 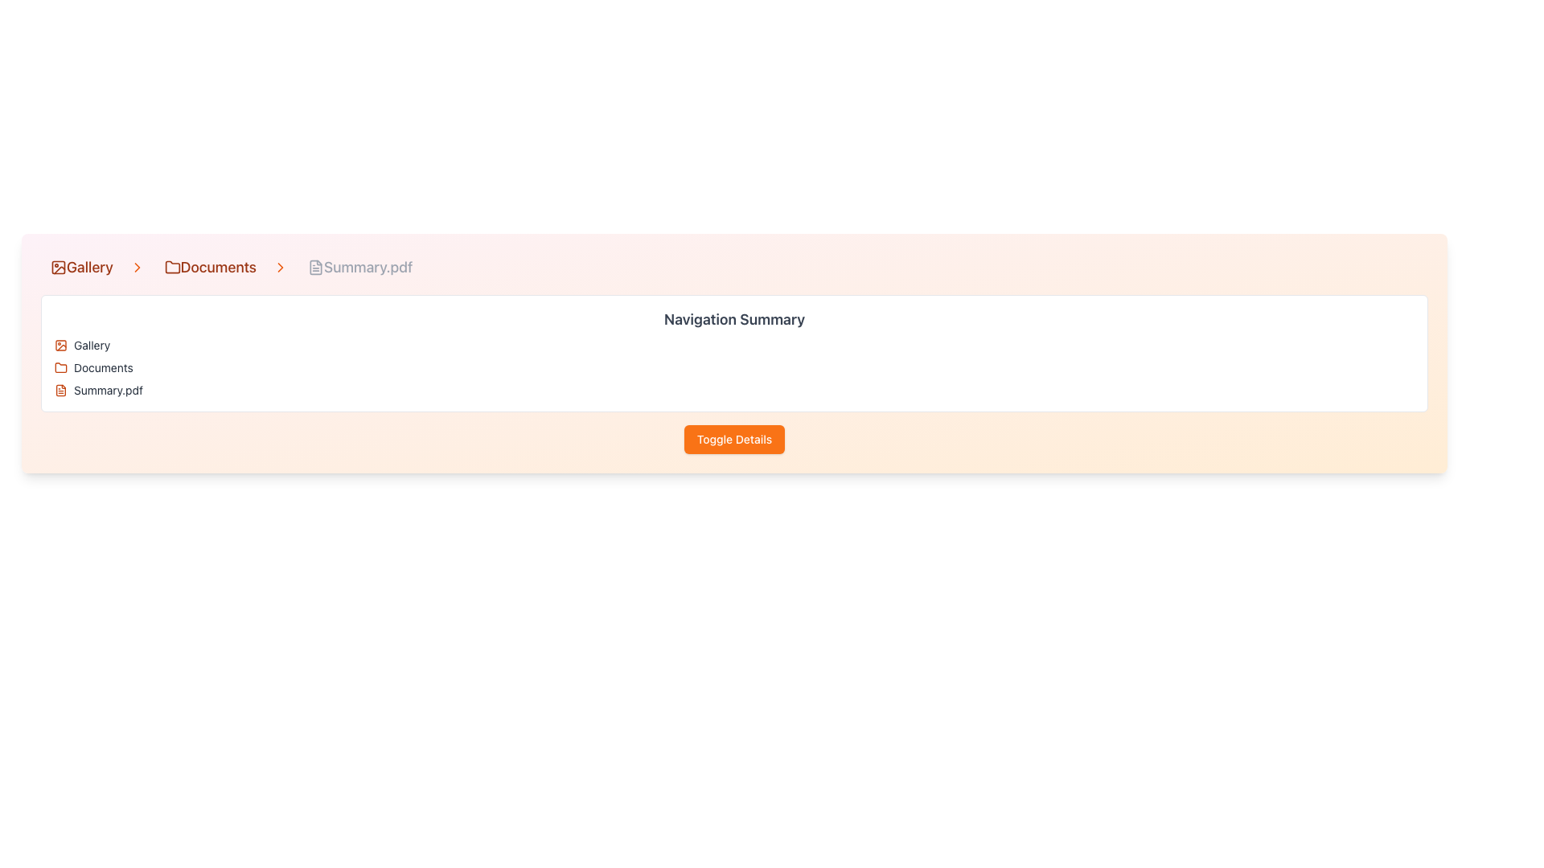 What do you see at coordinates (209, 266) in the screenshot?
I see `the 'Documents' hyperlink, which is styled in large medium-weight orange font and located in the breadcrumb navigation bar between 'Gallery' and 'Summary.pdf'` at bounding box center [209, 266].